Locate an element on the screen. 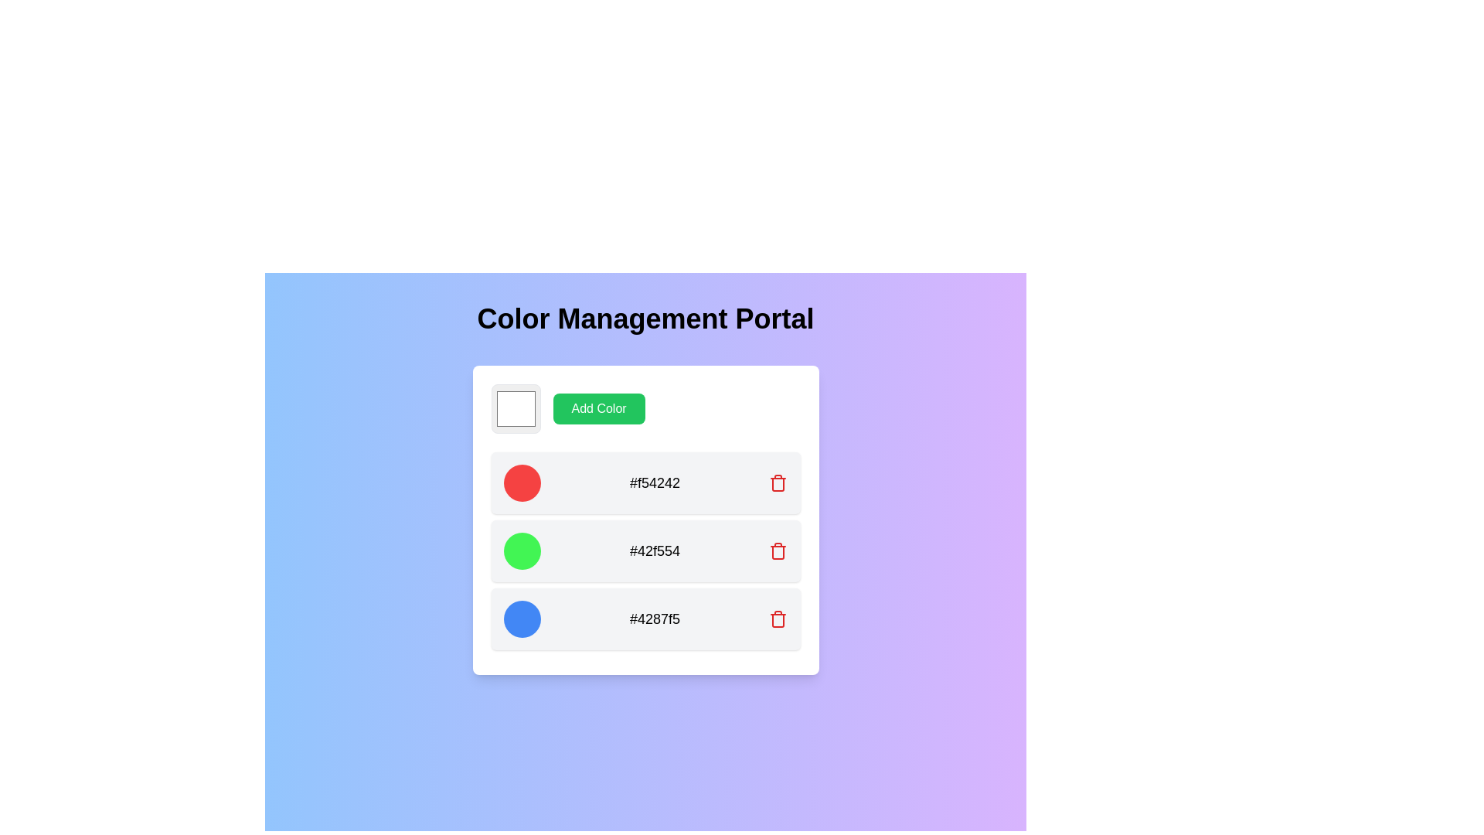  the middle section of the trash bin icon, which is a decorative part of the trash icon serving as a visual cue for deletion functionality is located at coordinates (778, 484).